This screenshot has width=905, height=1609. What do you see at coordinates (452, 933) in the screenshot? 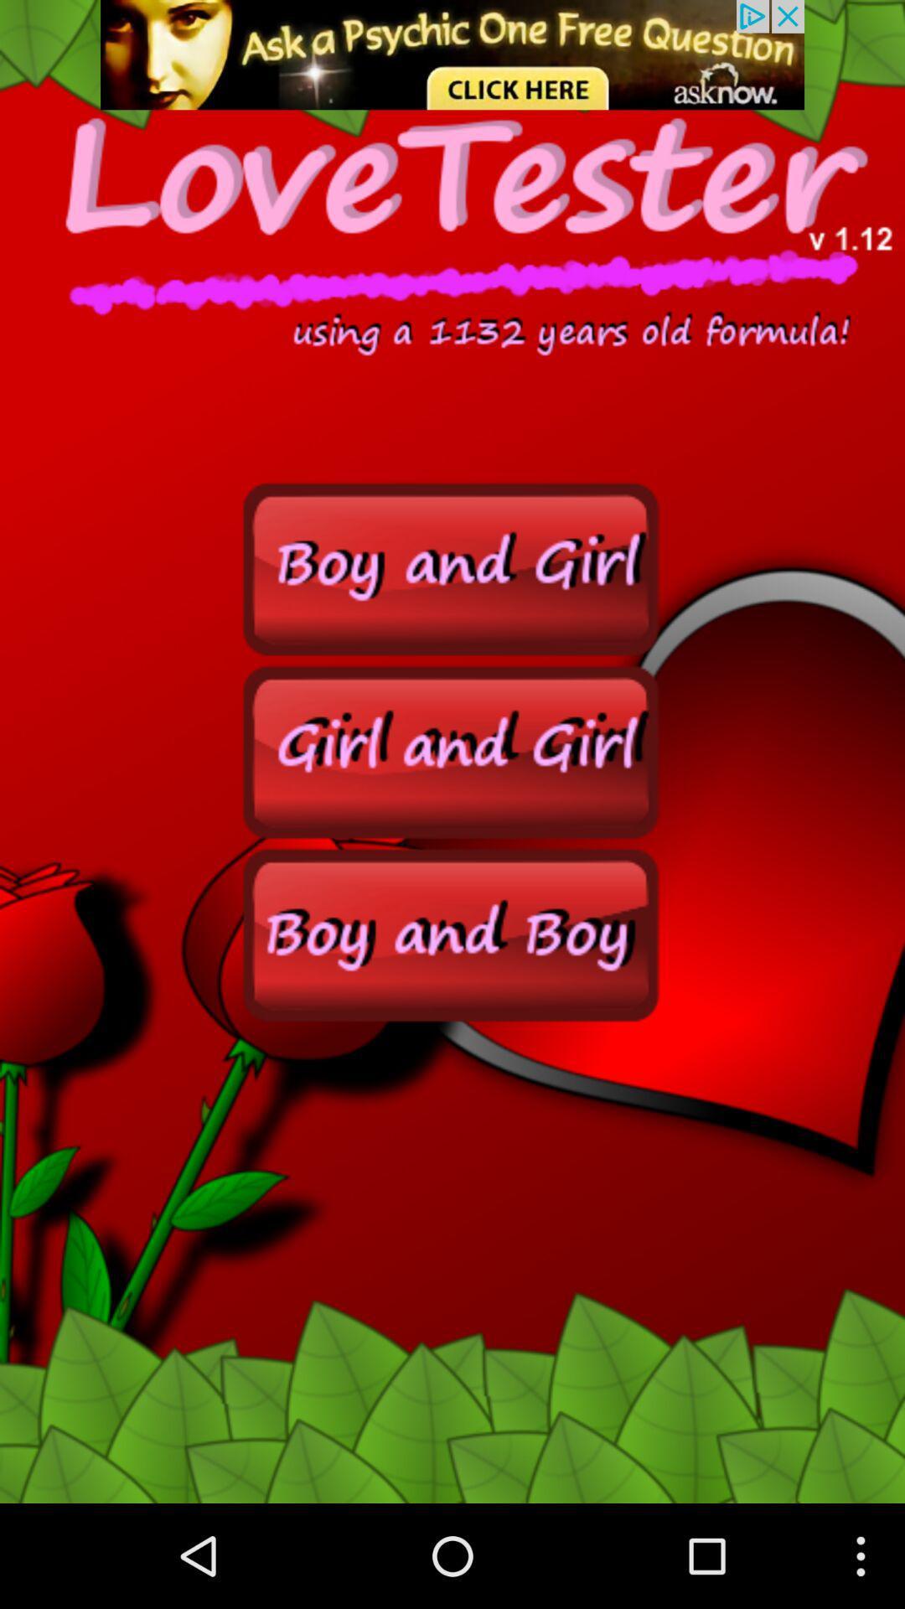
I see `boy and boy` at bounding box center [452, 933].